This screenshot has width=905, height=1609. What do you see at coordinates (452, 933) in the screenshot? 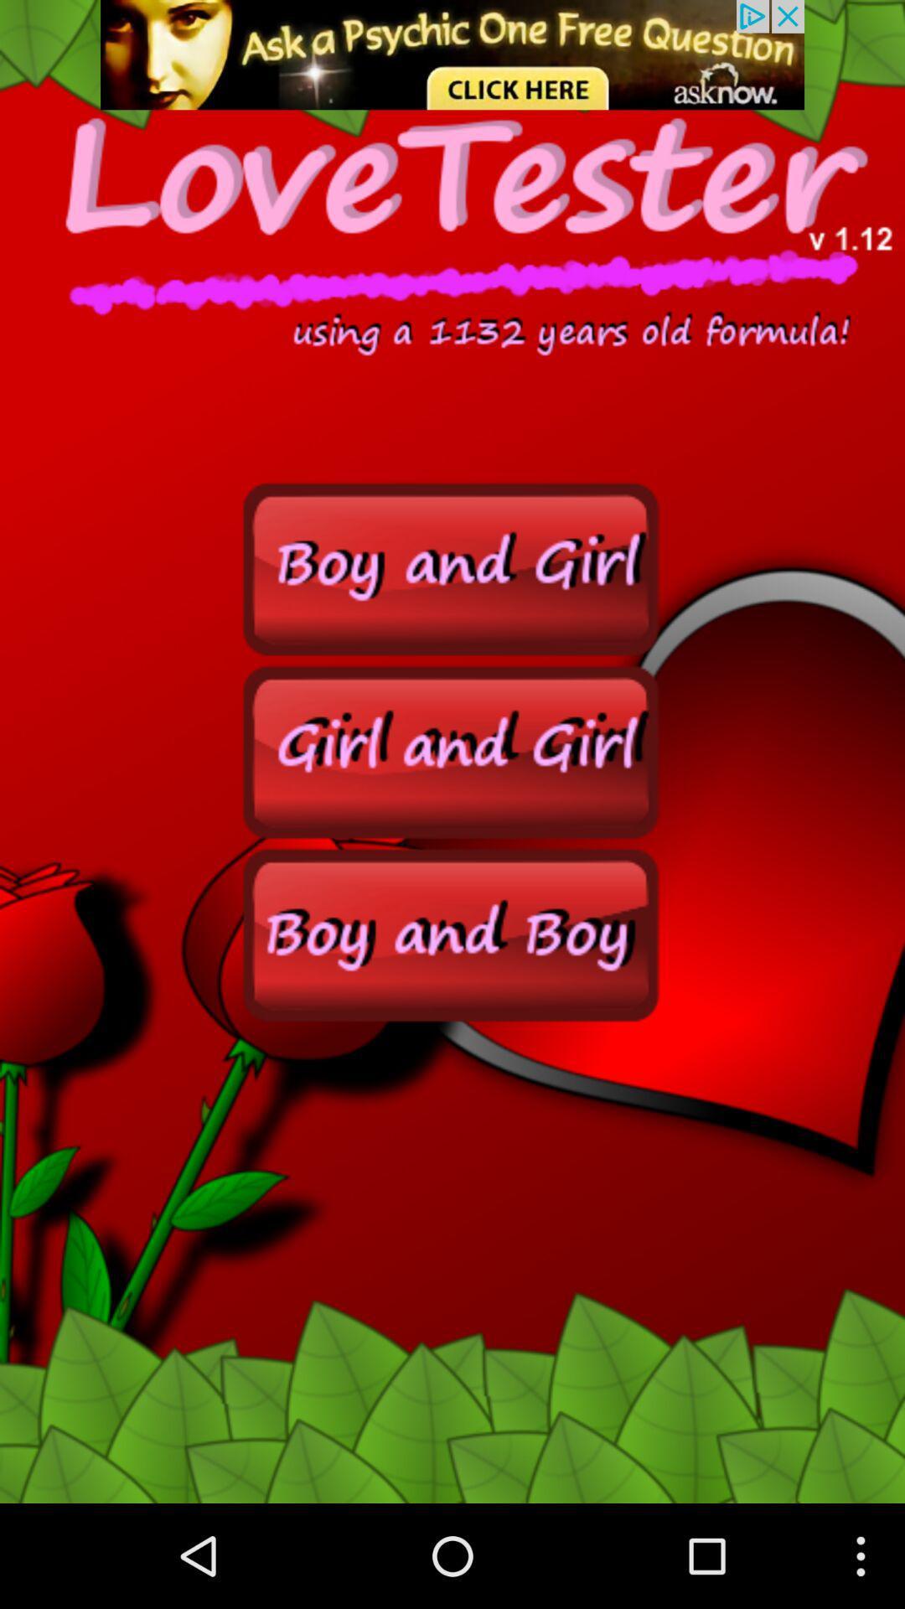
I see `boy and boy` at bounding box center [452, 933].